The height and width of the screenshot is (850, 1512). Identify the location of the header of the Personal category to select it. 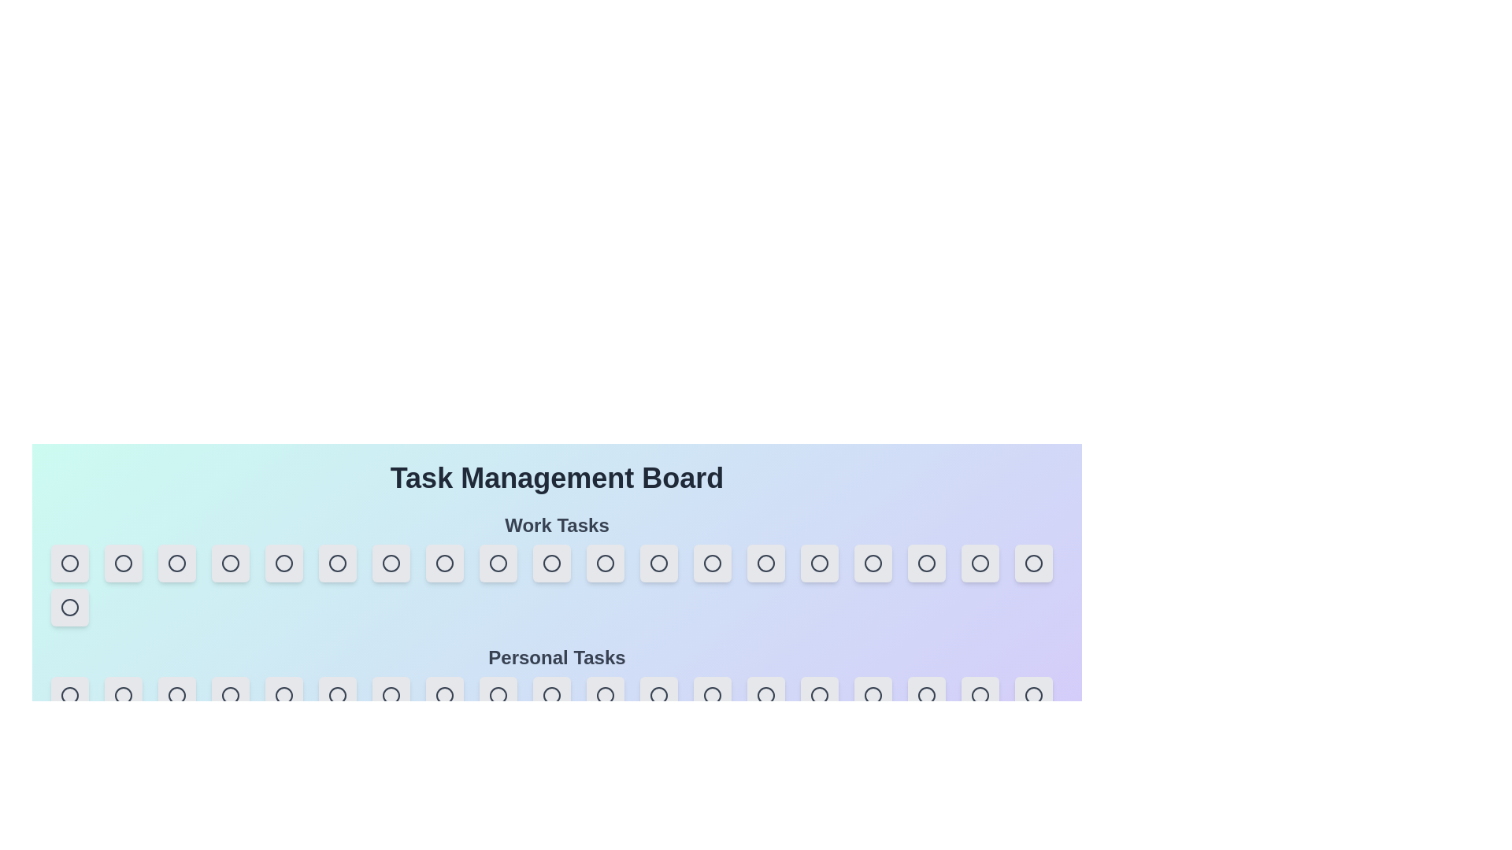
(557, 658).